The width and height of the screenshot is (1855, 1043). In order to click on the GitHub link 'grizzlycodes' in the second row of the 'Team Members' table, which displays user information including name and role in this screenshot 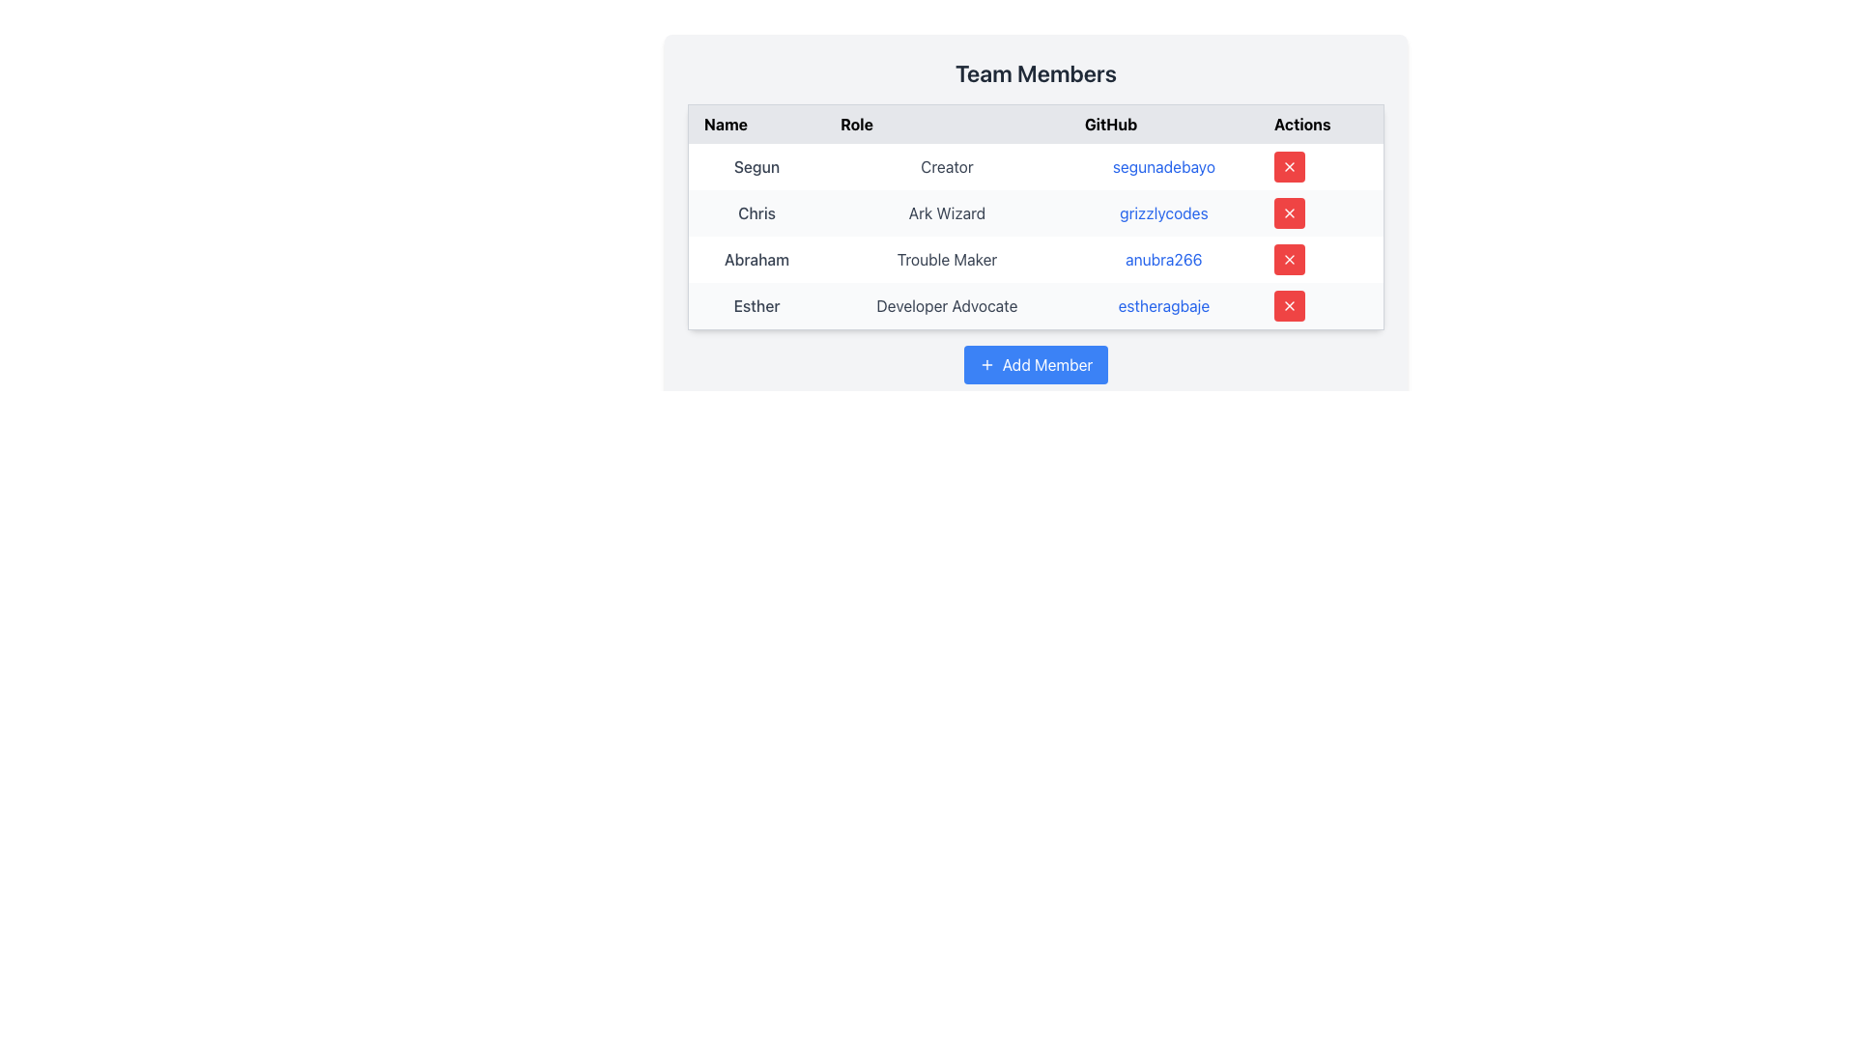, I will do `click(1035, 212)`.